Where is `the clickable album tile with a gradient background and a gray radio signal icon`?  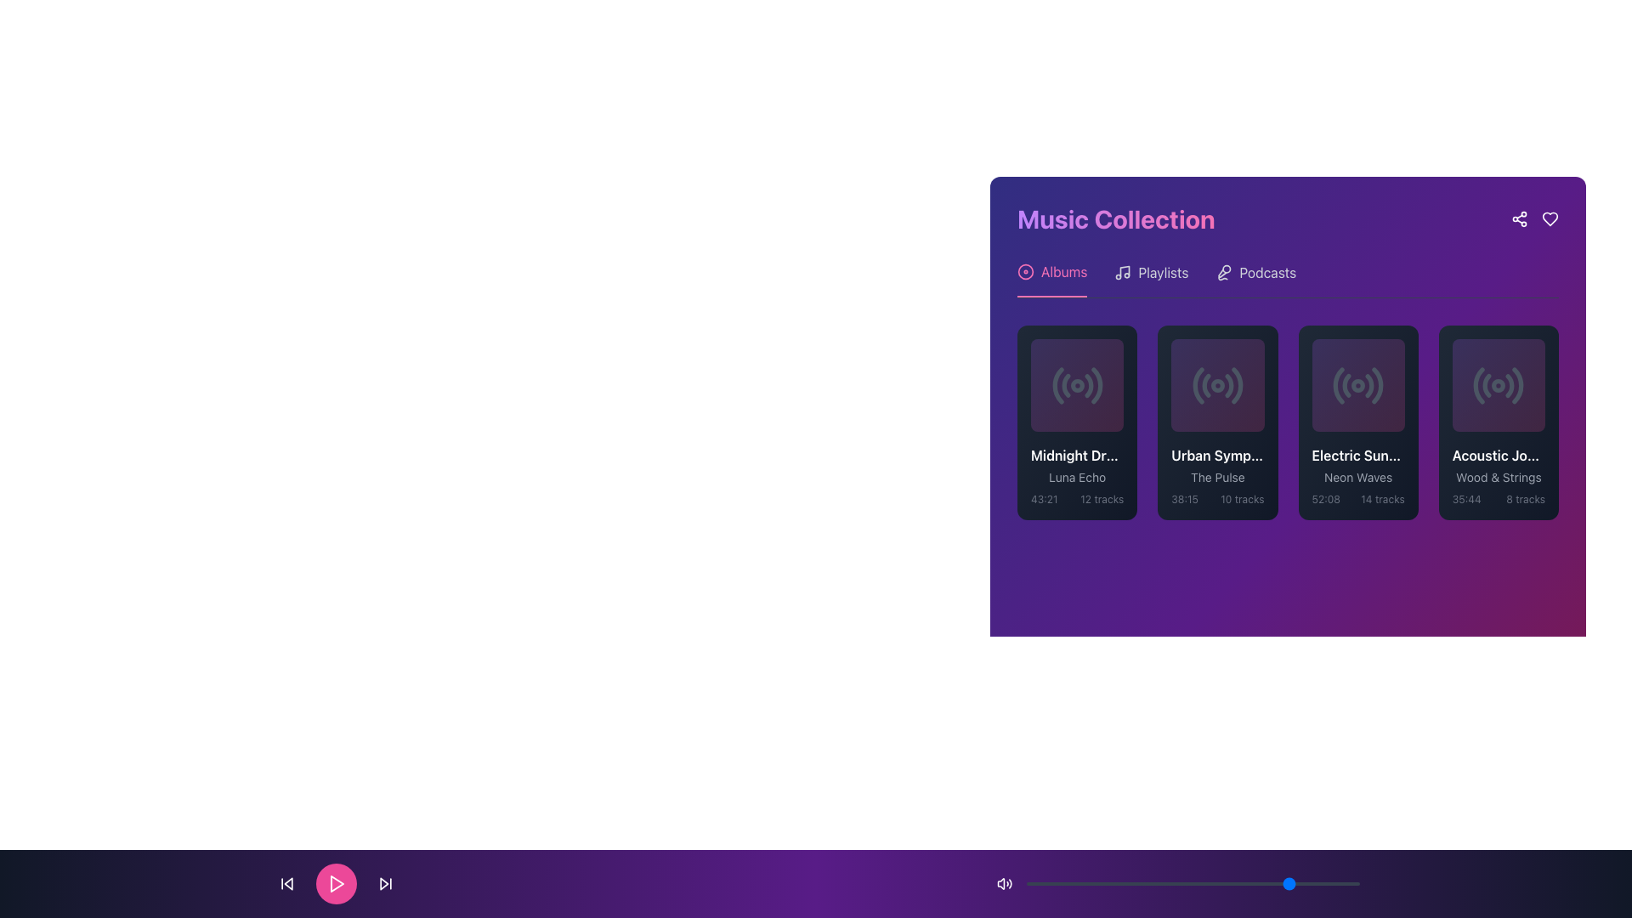
the clickable album tile with a gradient background and a gray radio signal icon is located at coordinates (1076, 385).